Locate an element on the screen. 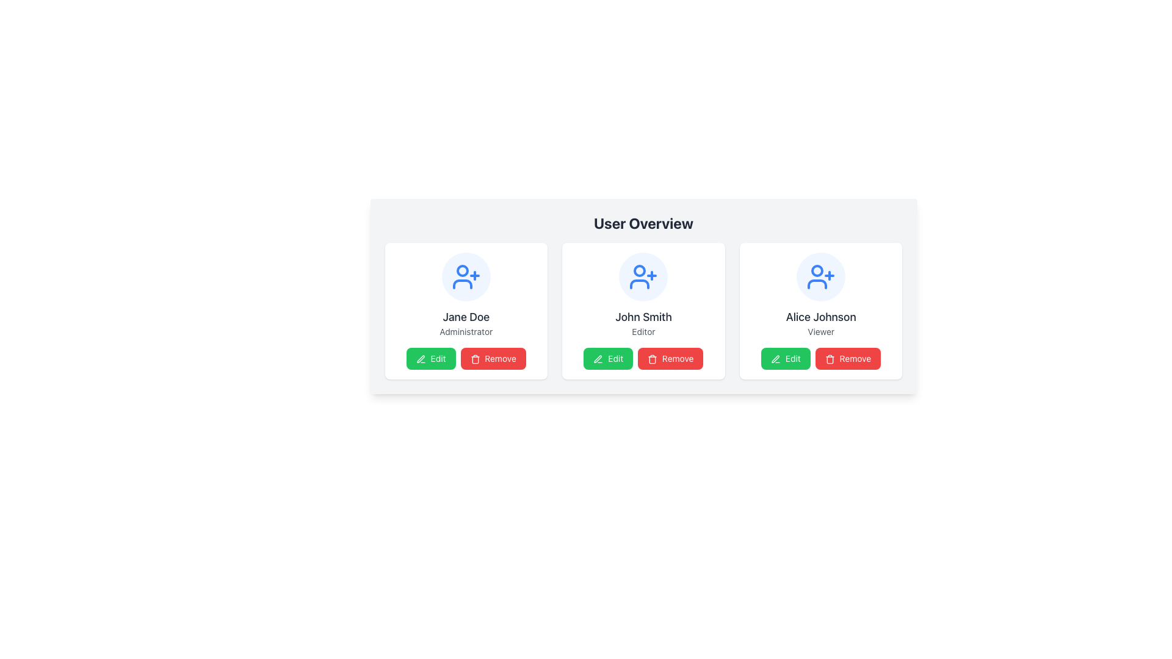  the user role/profile icon located at the top of the central card labeled 'John Smith' is located at coordinates (643, 277).